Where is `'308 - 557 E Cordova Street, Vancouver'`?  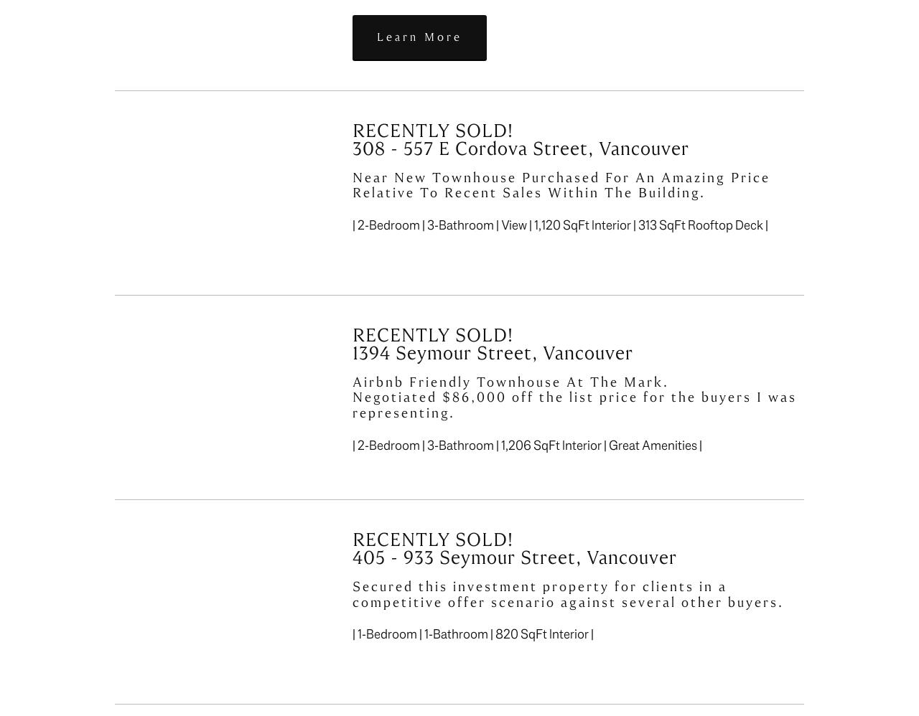 '308 - 557 E Cordova Street, Vancouver' is located at coordinates (520, 148).